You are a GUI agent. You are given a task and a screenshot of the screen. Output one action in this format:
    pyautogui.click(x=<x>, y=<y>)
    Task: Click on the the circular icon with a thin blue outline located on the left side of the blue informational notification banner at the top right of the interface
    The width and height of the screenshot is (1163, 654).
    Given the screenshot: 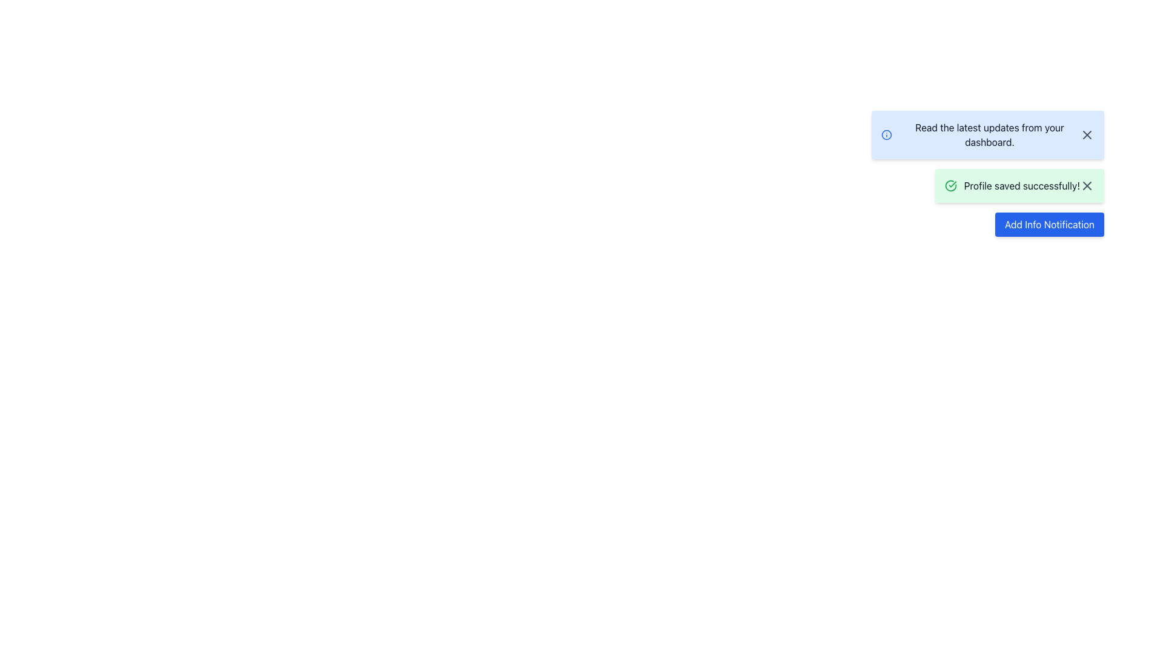 What is the action you would take?
    pyautogui.click(x=887, y=135)
    